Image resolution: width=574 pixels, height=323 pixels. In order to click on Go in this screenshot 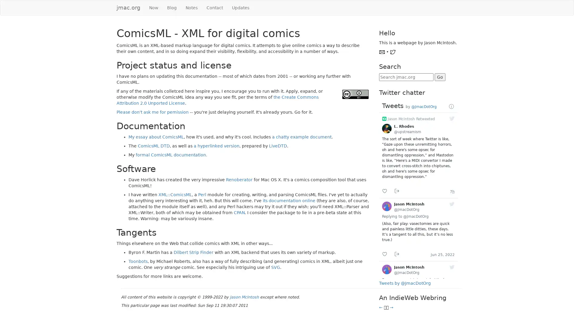, I will do `click(439, 77)`.